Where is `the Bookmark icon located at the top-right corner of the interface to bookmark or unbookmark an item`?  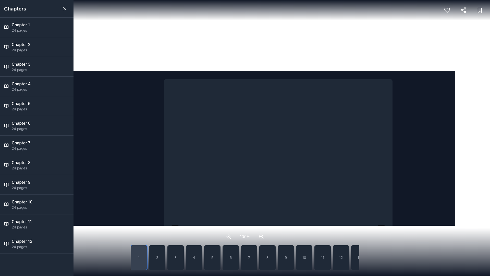
the Bookmark icon located at the top-right corner of the interface to bookmark or unbookmark an item is located at coordinates (480, 10).